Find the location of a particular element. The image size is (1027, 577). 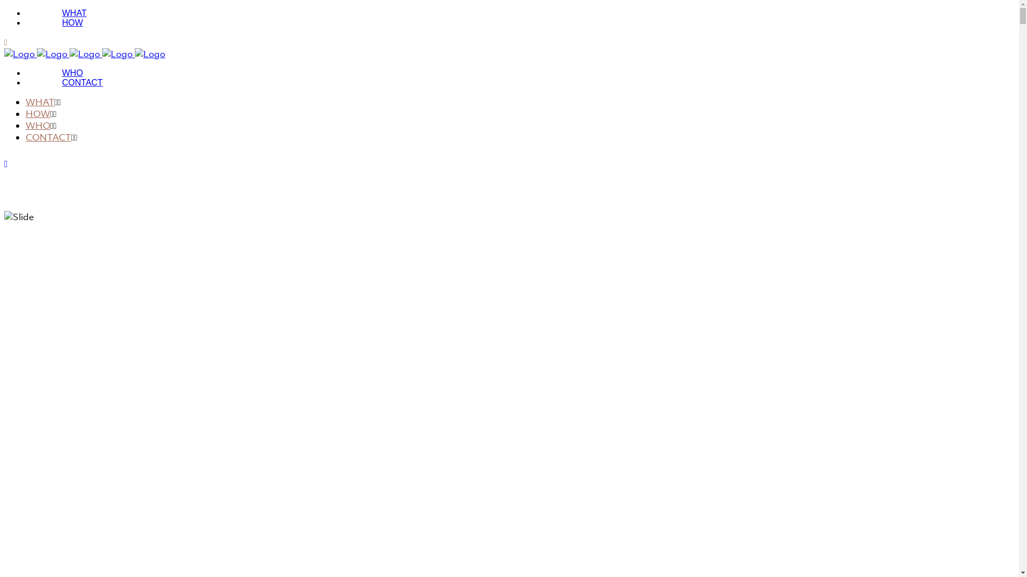

'WHAT' is located at coordinates (40, 102).